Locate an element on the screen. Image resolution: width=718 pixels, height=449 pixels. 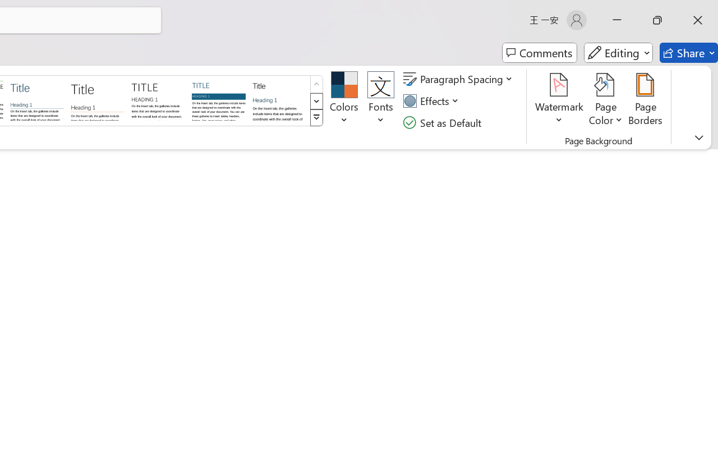
'Page Borders...' is located at coordinates (646, 100).